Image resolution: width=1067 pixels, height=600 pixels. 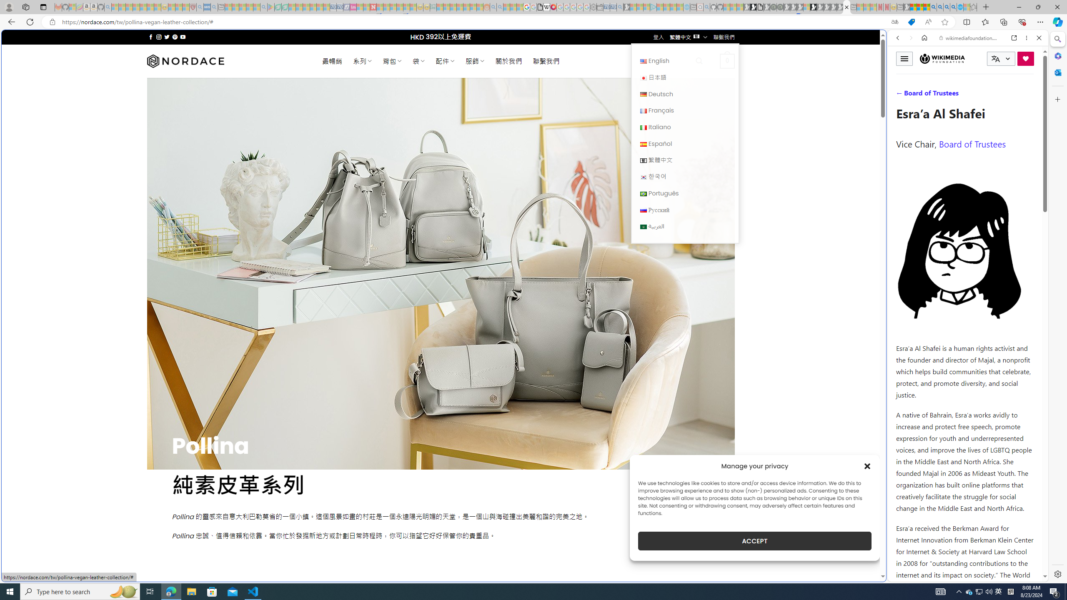 What do you see at coordinates (684, 60) in the screenshot?
I see `' English'` at bounding box center [684, 60].